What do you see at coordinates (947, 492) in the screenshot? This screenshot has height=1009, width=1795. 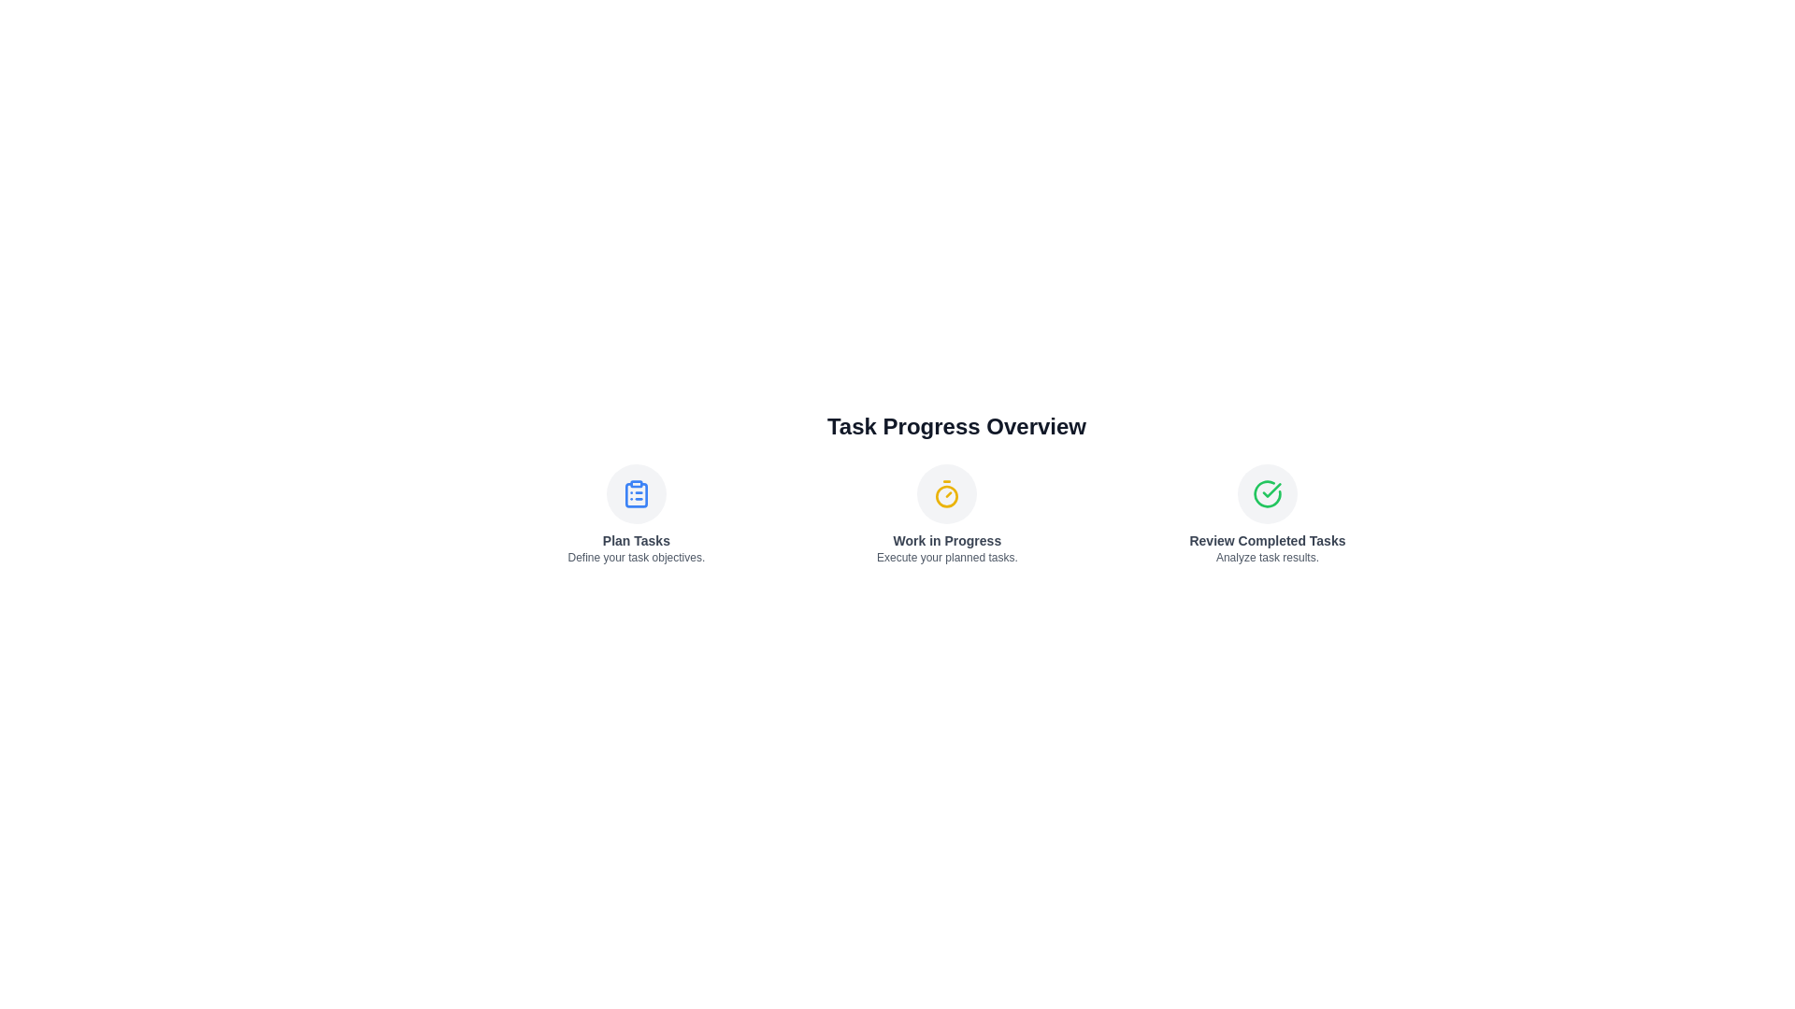 I see `the icon of the step Work in Progress` at bounding box center [947, 492].